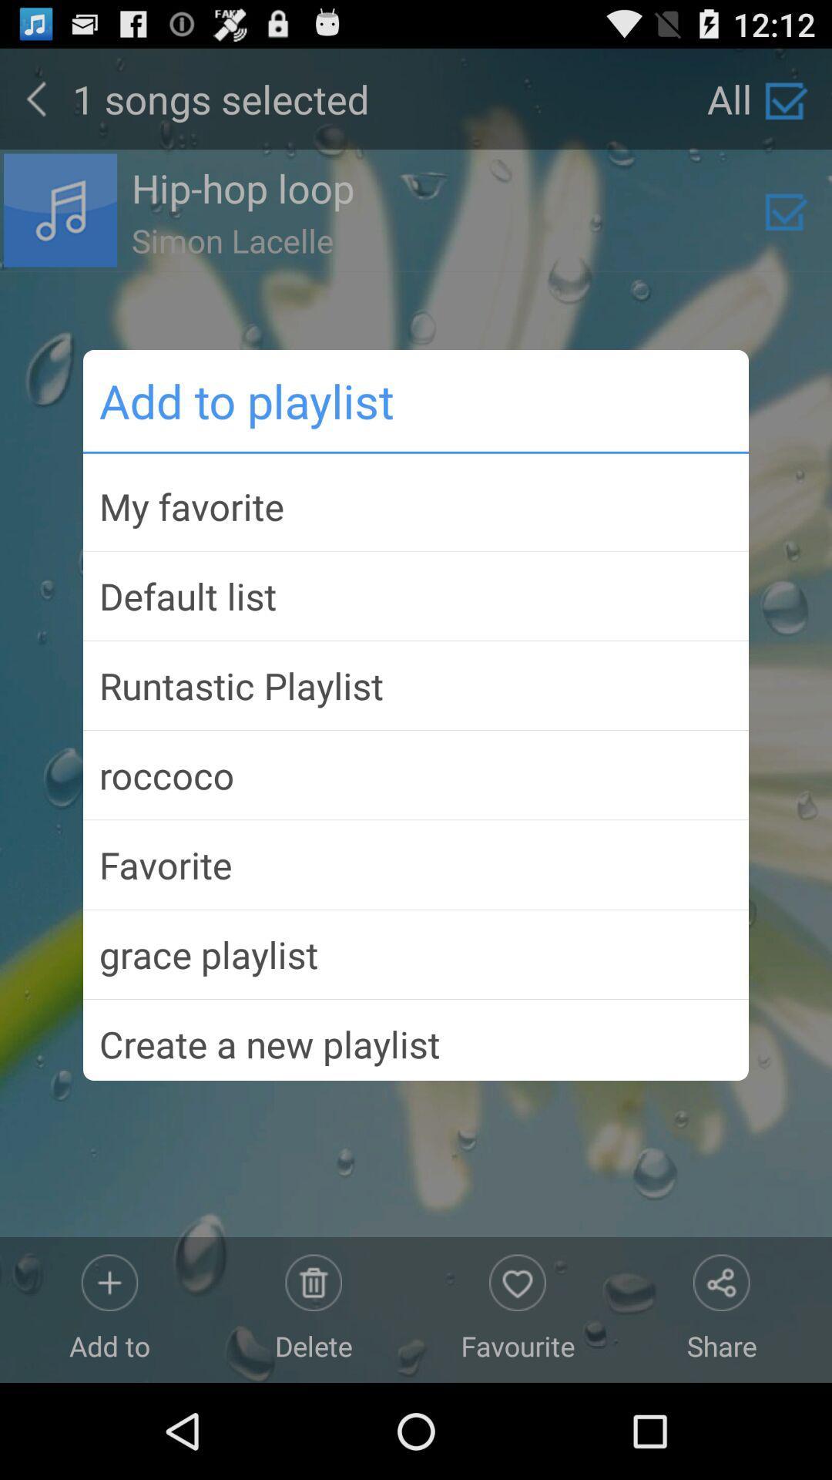  What do you see at coordinates (416, 595) in the screenshot?
I see `the icon above the runtastic playlist` at bounding box center [416, 595].